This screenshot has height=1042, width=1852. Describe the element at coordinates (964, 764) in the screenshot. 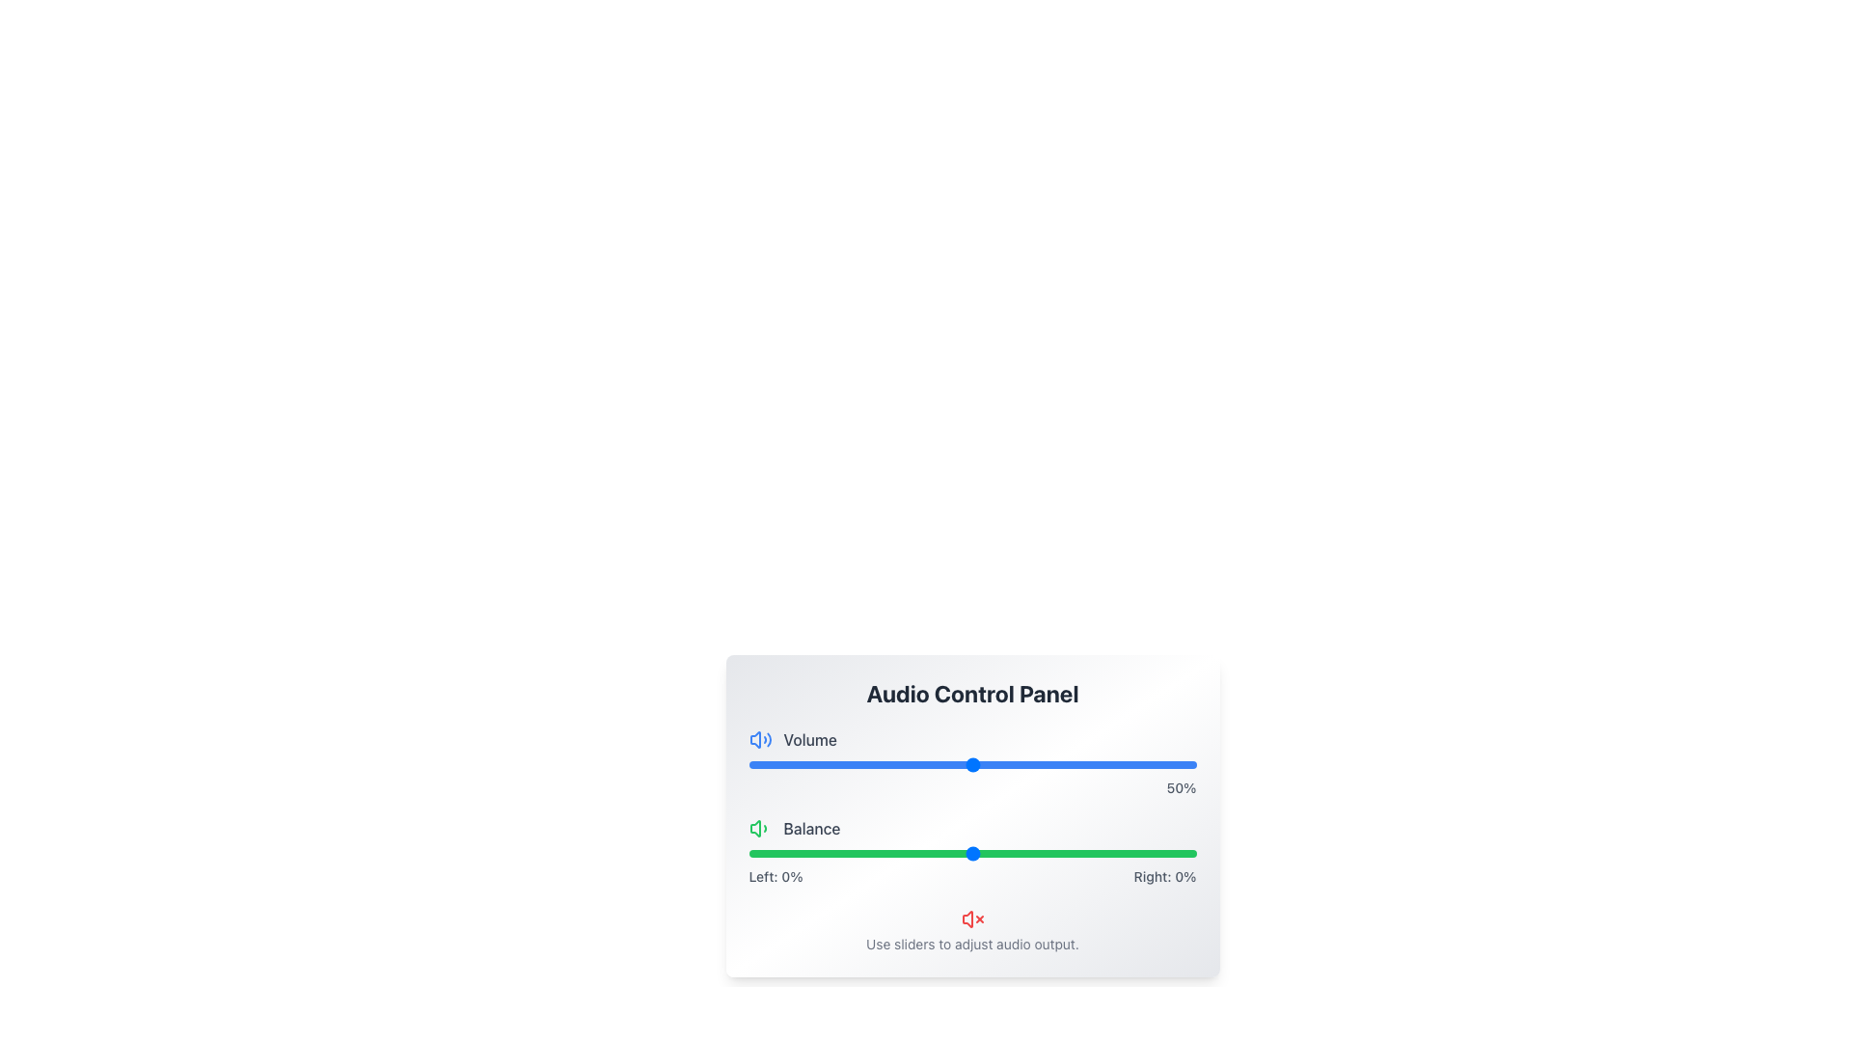

I see `the slider value` at that location.